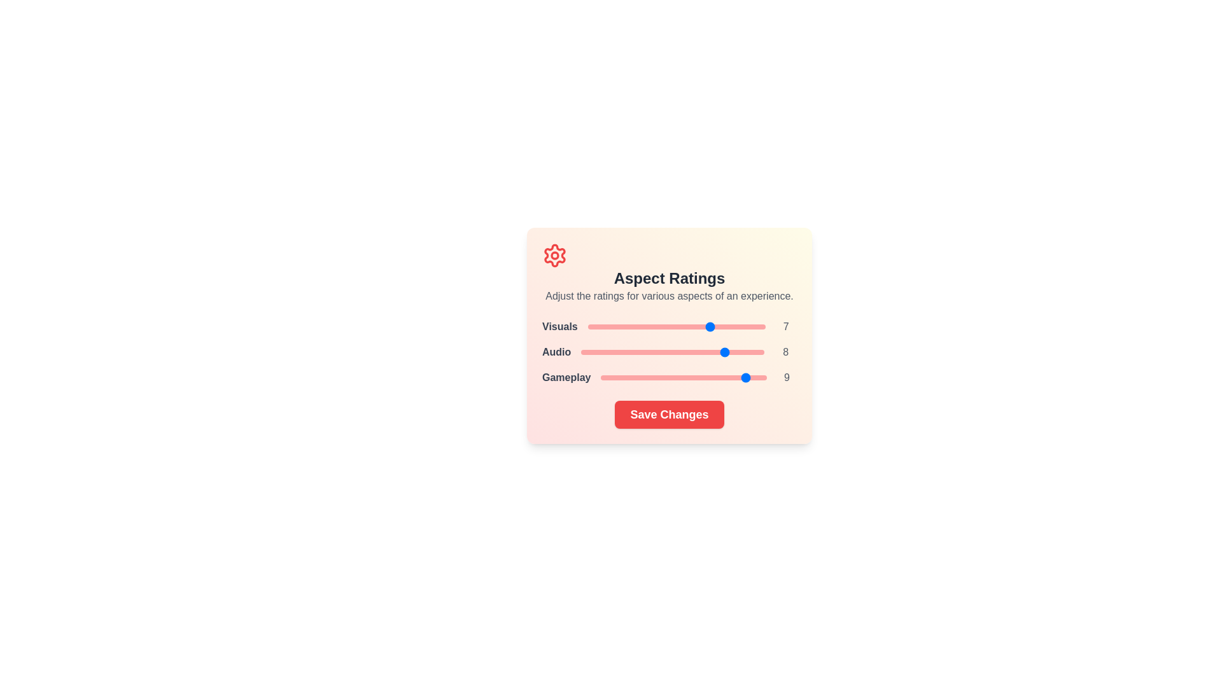 This screenshot has width=1222, height=687. What do you see at coordinates (668, 414) in the screenshot?
I see `the 'Save Changes' button` at bounding box center [668, 414].